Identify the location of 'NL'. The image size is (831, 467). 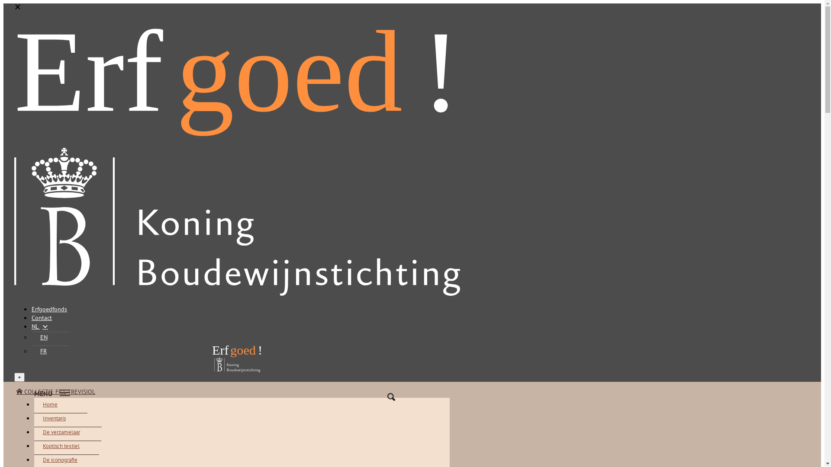
(31, 326).